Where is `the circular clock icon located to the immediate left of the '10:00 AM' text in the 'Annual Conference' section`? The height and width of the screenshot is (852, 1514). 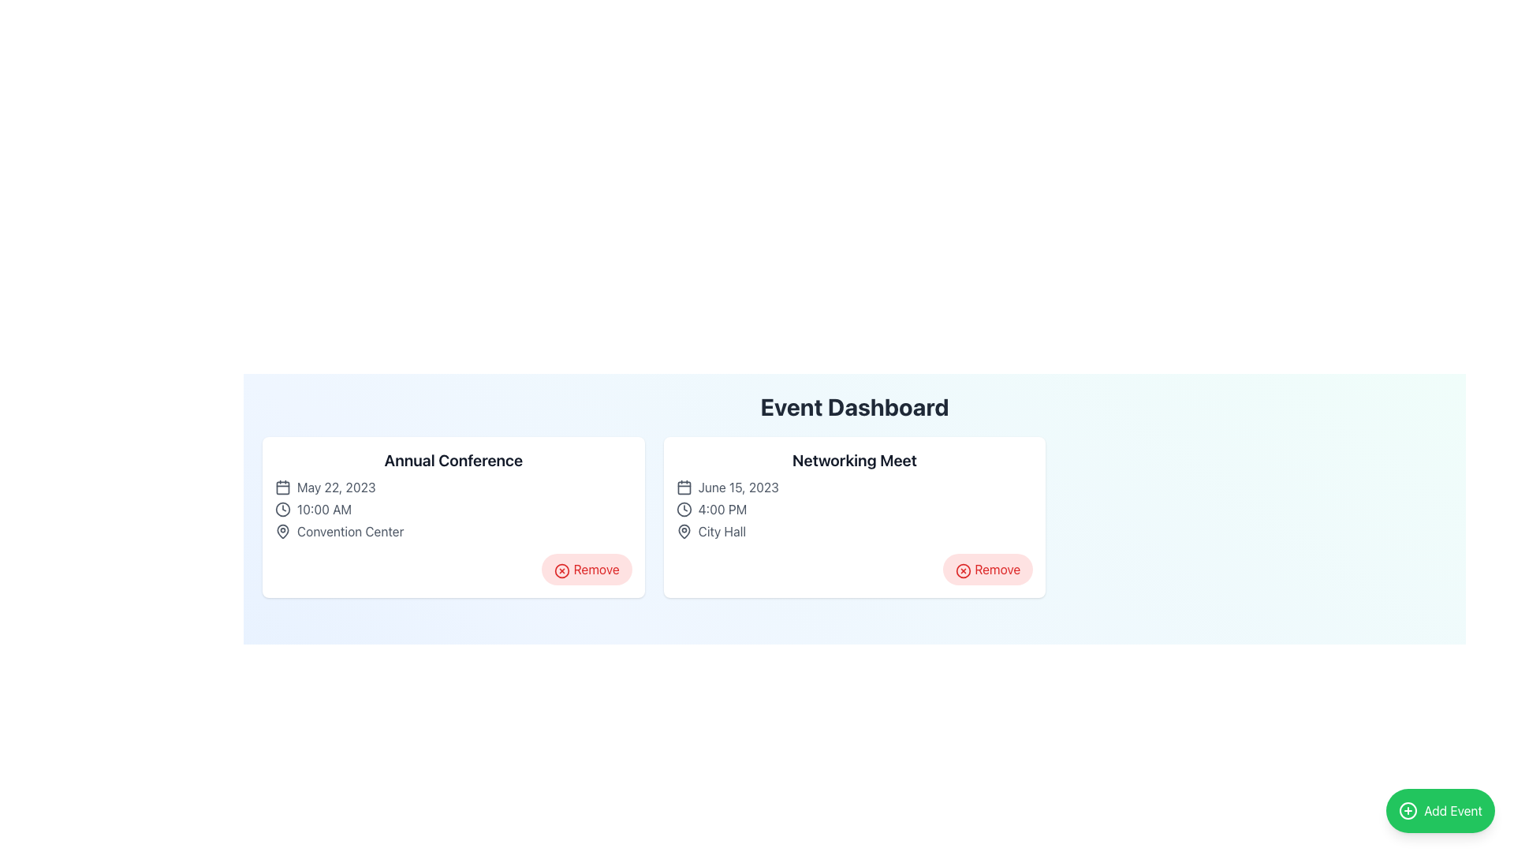
the circular clock icon located to the immediate left of the '10:00 AM' text in the 'Annual Conference' section is located at coordinates (283, 509).